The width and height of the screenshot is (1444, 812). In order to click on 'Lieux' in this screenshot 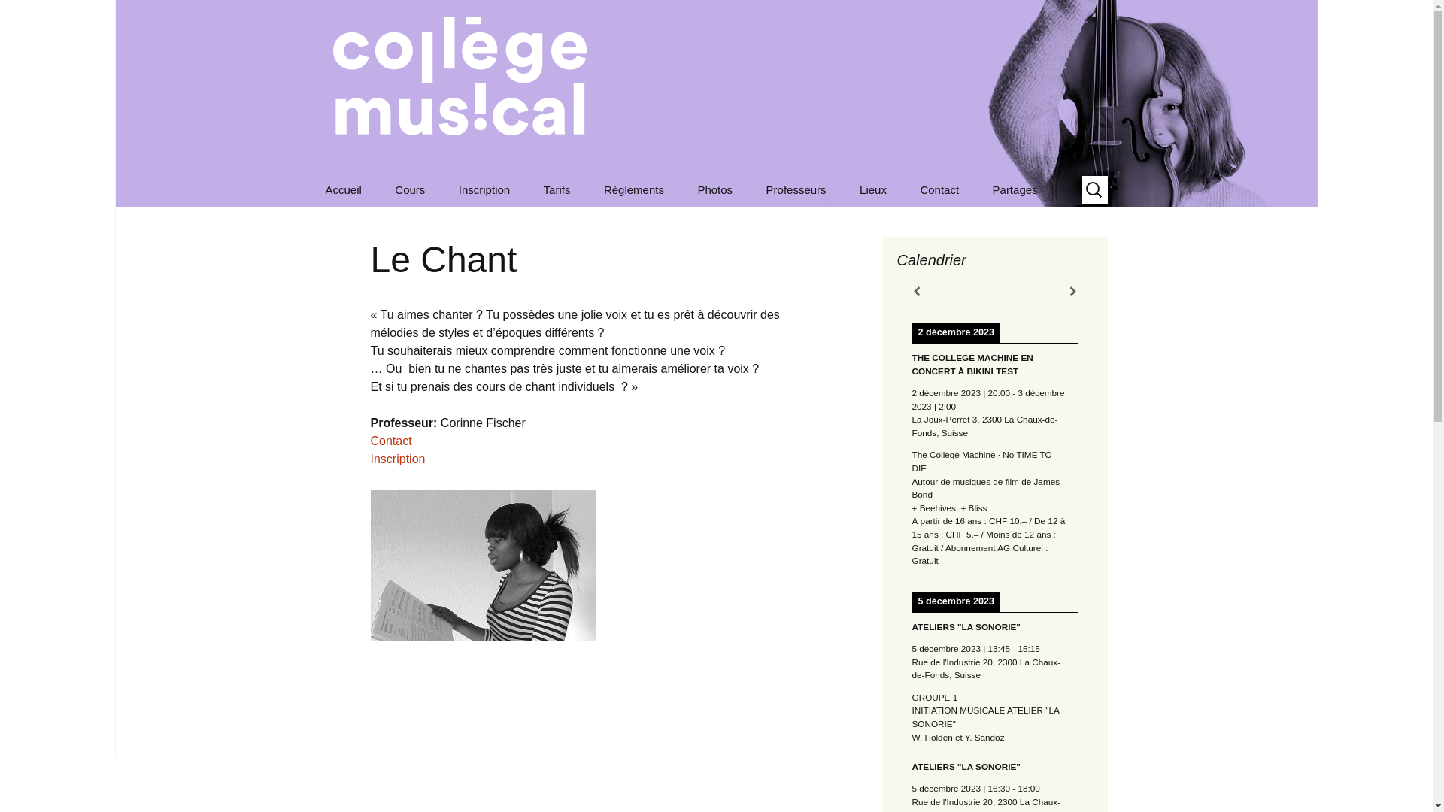, I will do `click(873, 189)`.